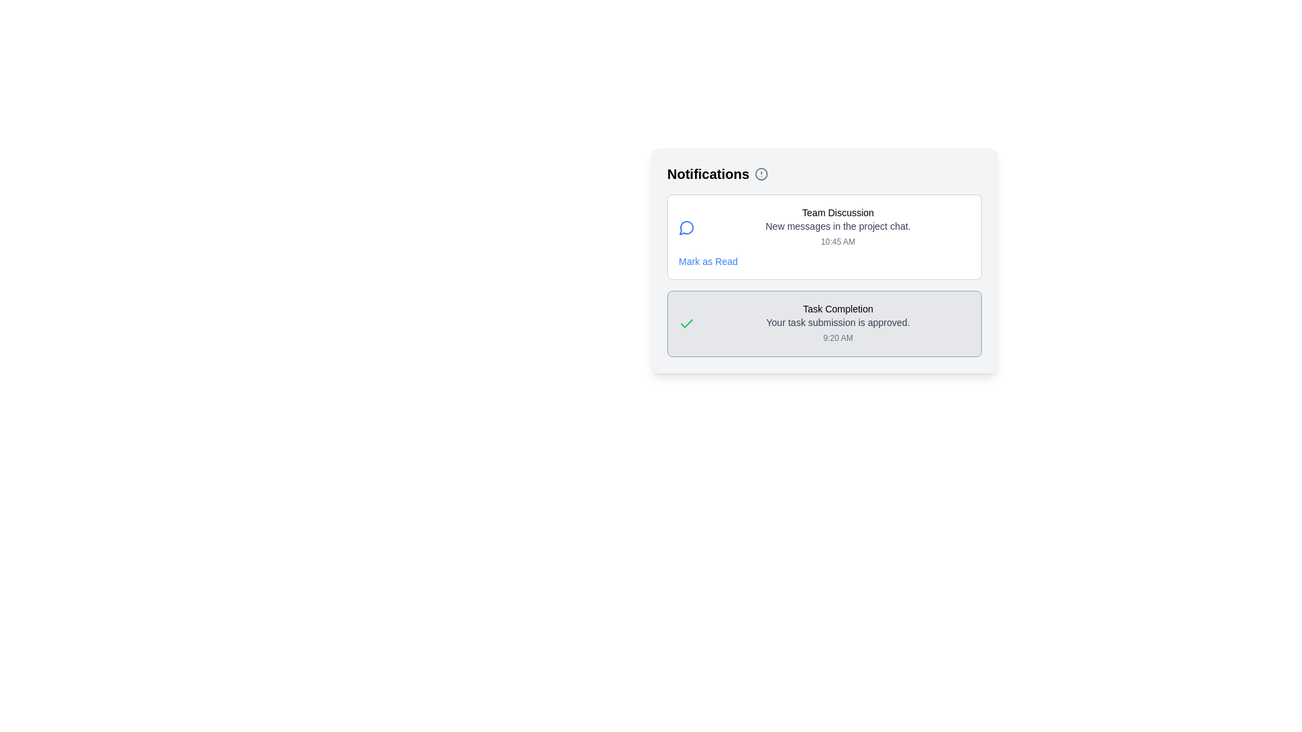  I want to click on the interactive Notification Message displaying 'Task Completion' with the approval message and timestamp, so click(837, 324).